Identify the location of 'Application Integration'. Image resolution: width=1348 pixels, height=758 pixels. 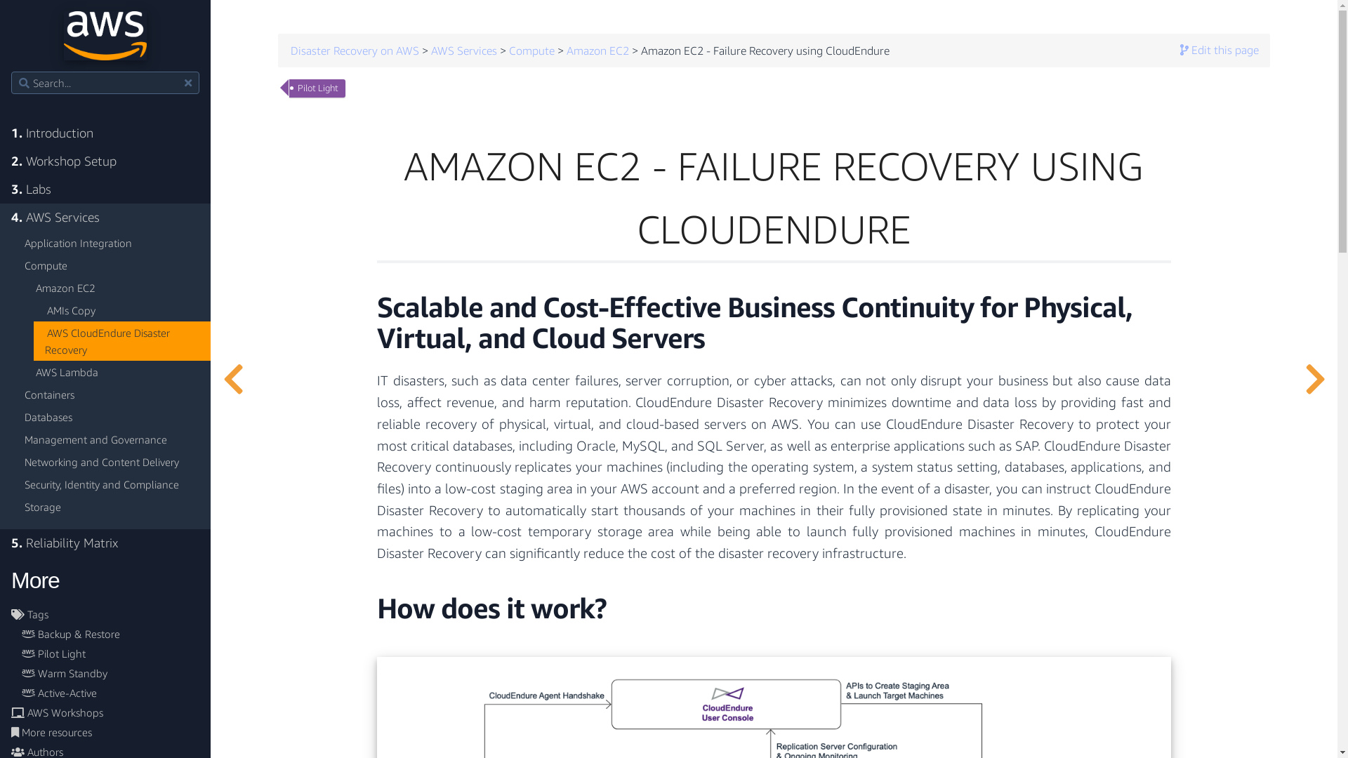
(110, 242).